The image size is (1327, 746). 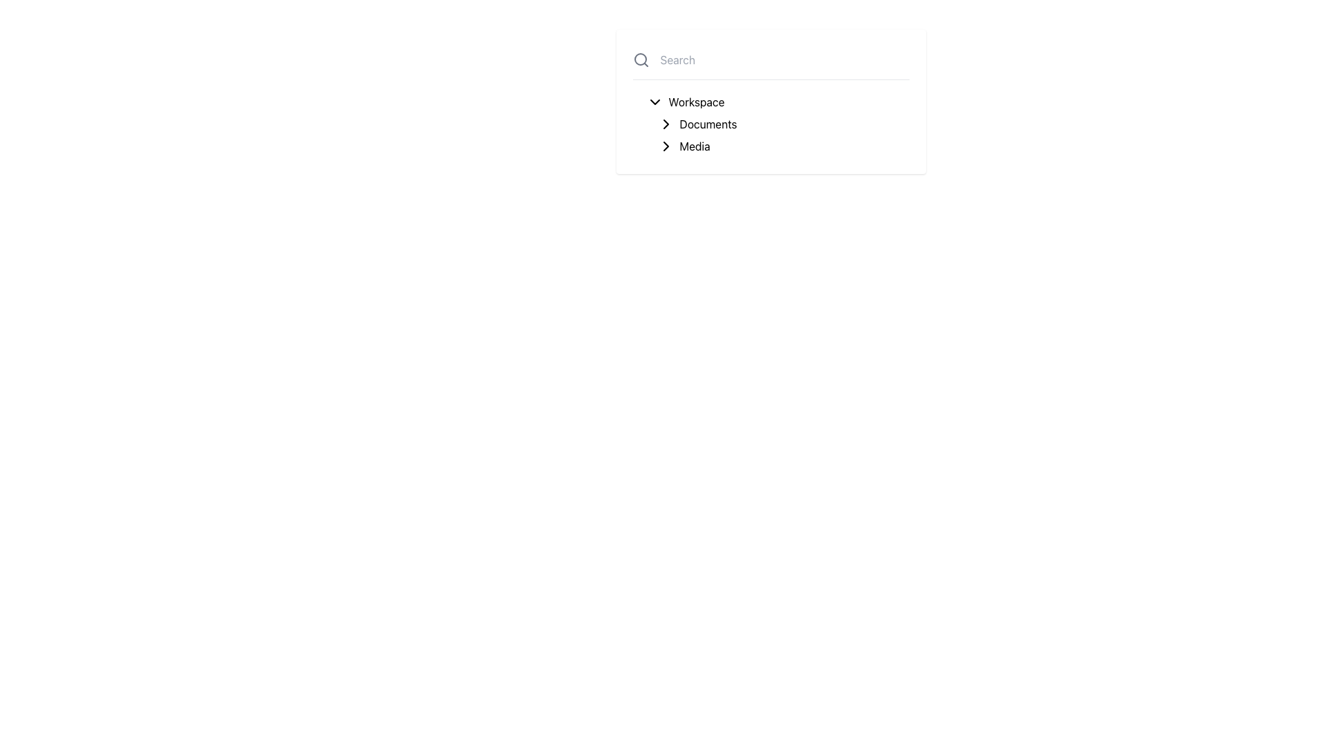 What do you see at coordinates (695, 146) in the screenshot?
I see `the 'Media' text label element which is styled with 'text-blue-600' and 'font-semibold' classes, positioned within a selectable list to the right of a chevron SVG icon` at bounding box center [695, 146].